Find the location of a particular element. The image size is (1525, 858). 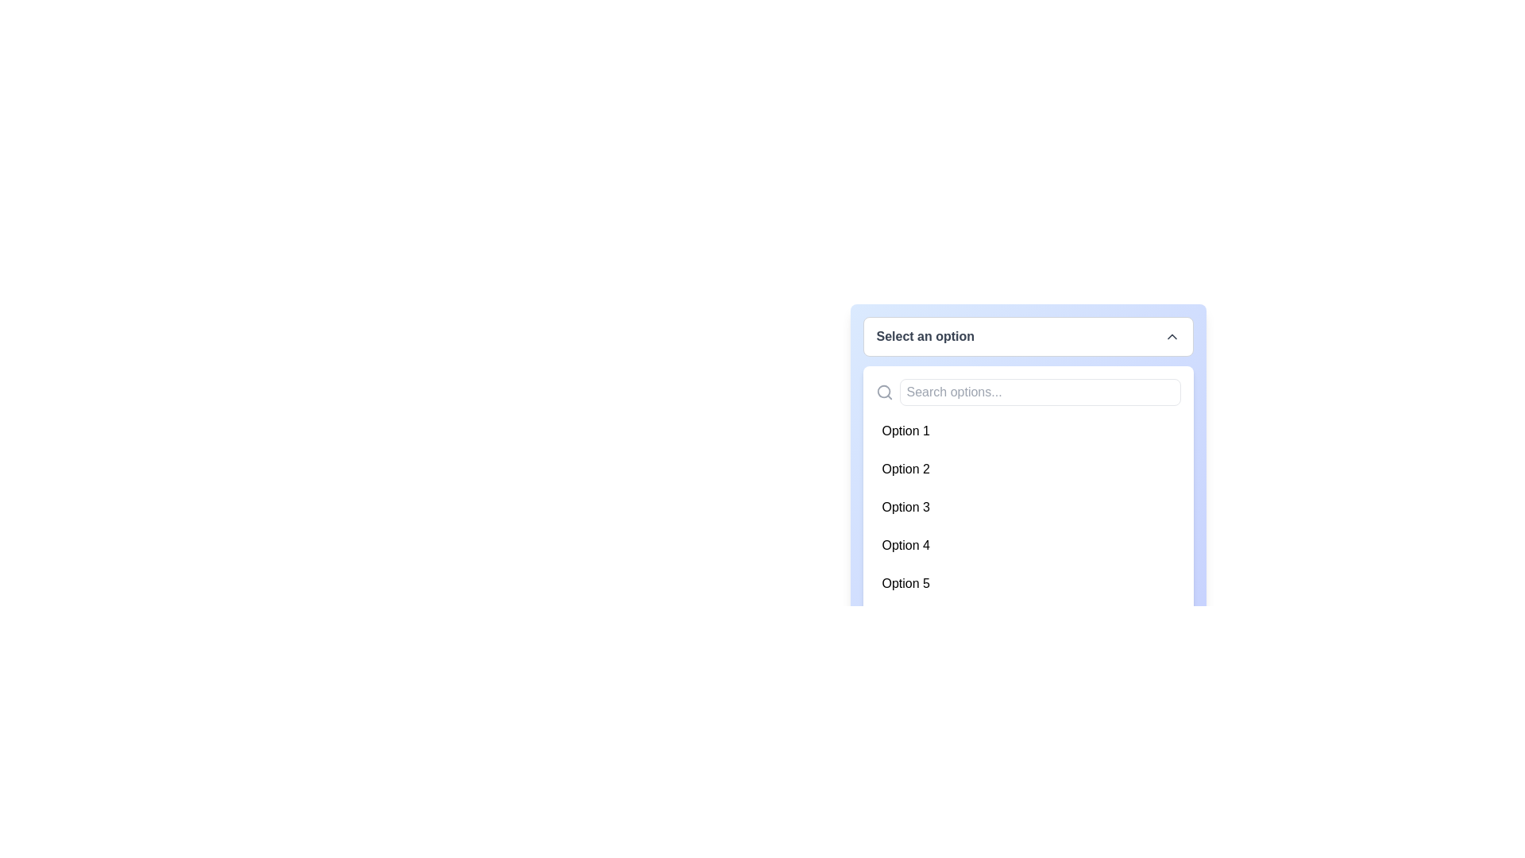

the list item labeled 'Option 3' is located at coordinates (1028, 508).